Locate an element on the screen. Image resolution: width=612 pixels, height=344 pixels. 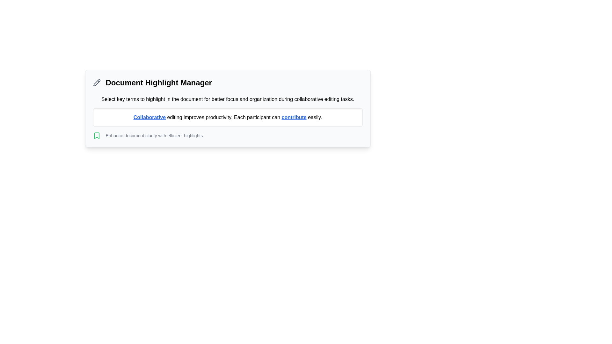
on the text element located directly is located at coordinates (314, 117).